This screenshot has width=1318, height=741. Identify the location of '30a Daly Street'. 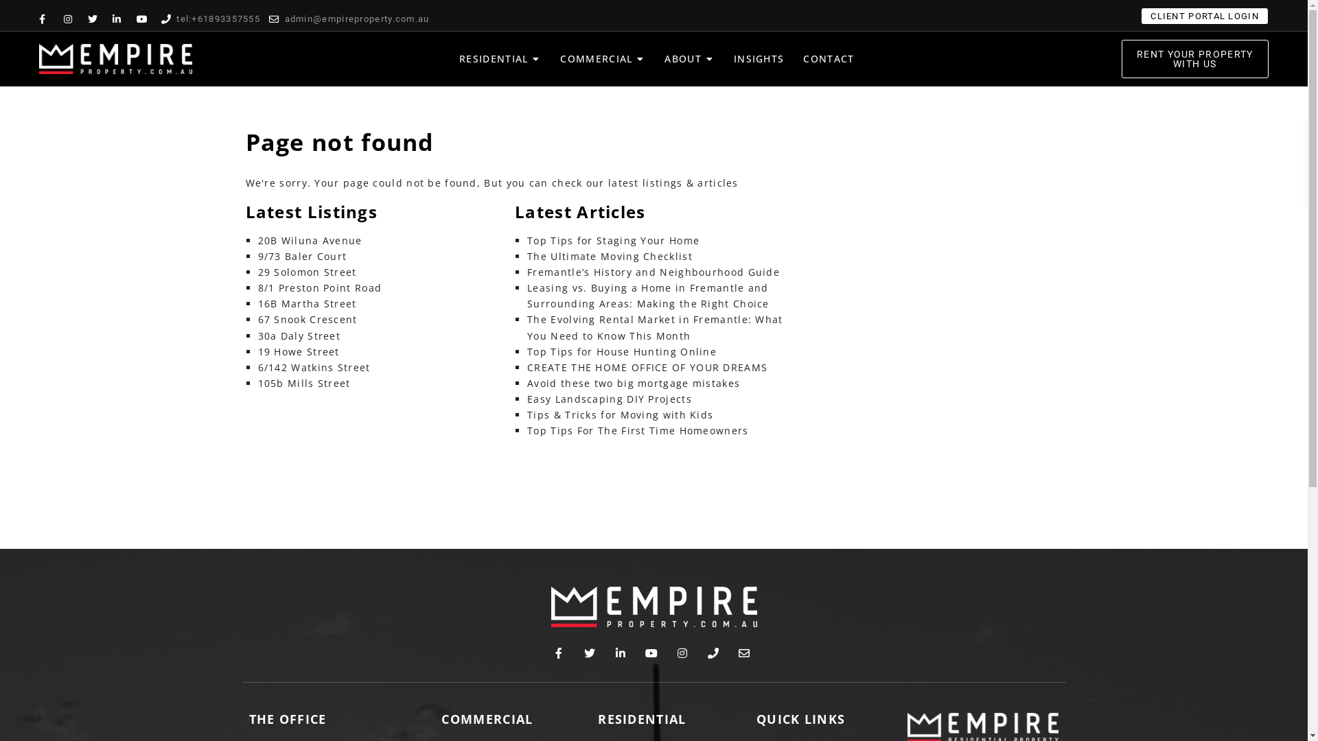
(299, 336).